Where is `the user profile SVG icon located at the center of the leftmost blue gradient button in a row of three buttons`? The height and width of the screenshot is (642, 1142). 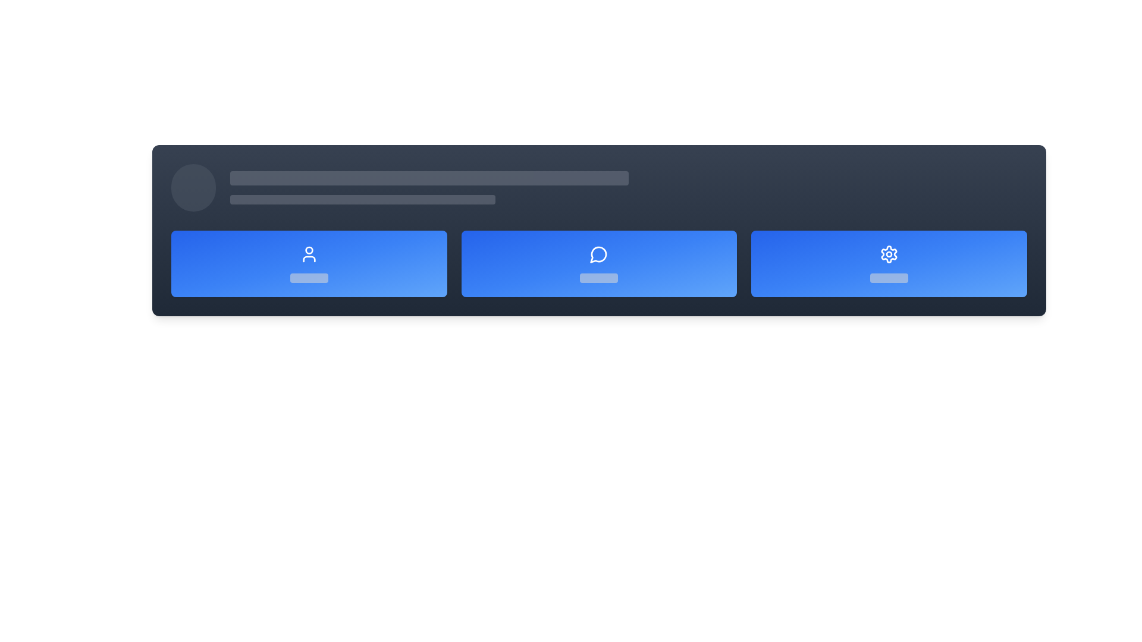
the user profile SVG icon located at the center of the leftmost blue gradient button in a row of three buttons is located at coordinates (309, 254).